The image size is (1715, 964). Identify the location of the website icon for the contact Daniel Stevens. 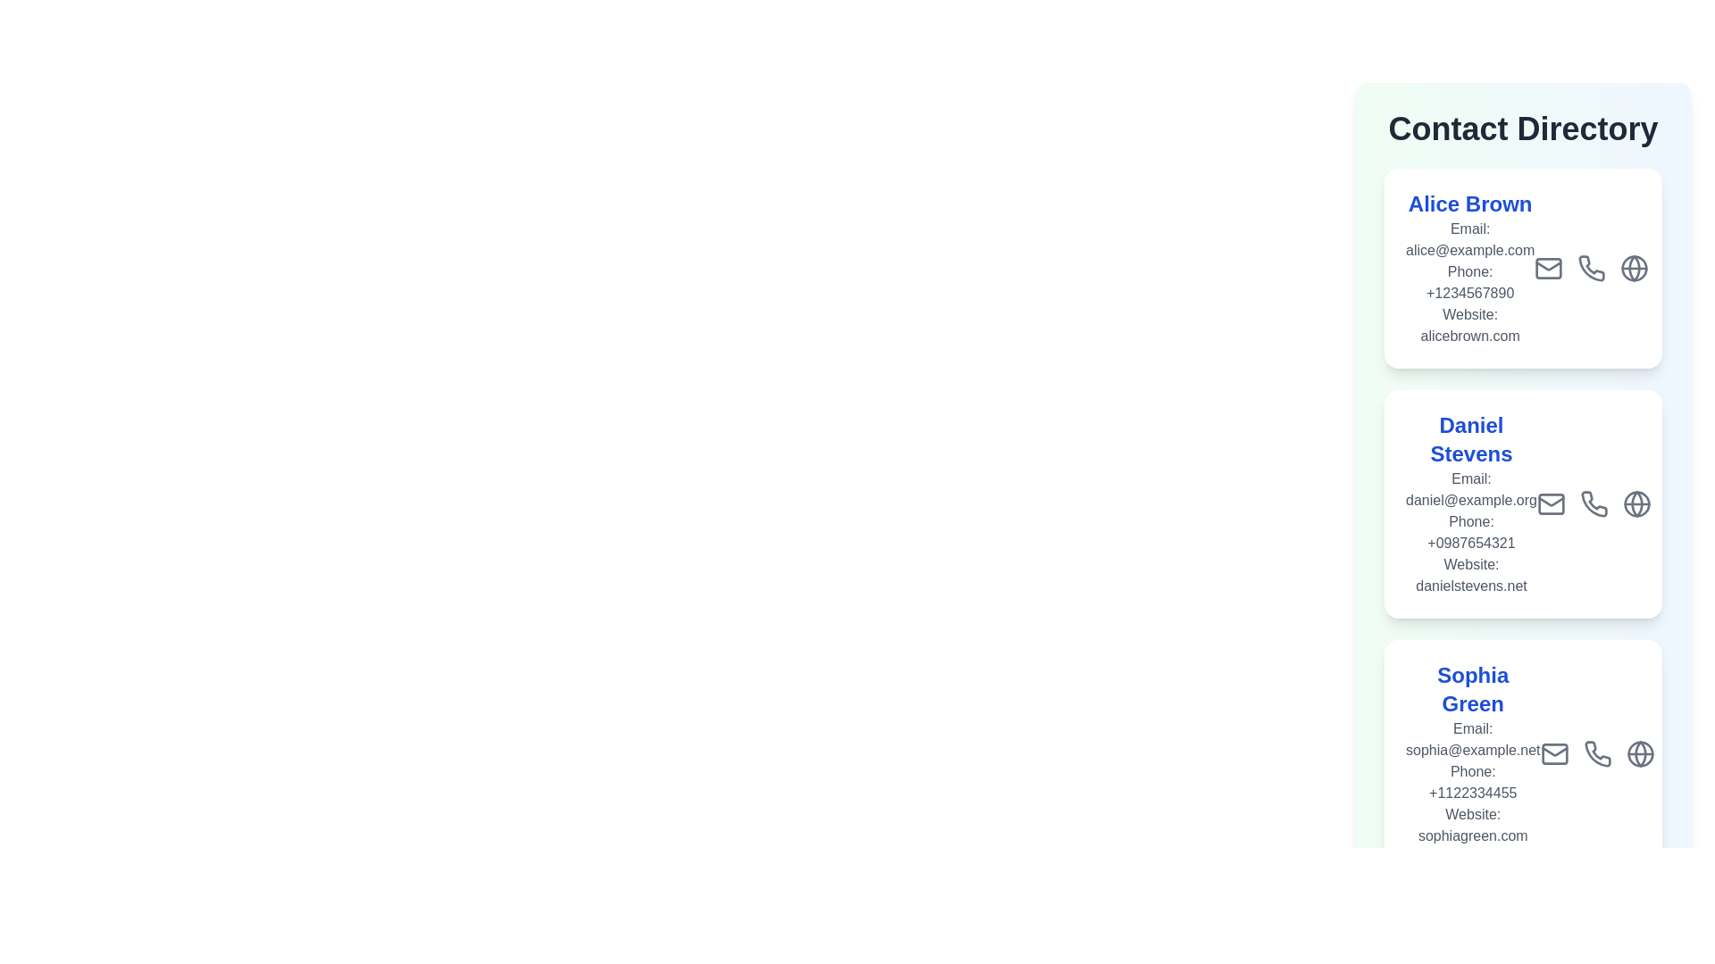
(1637, 575).